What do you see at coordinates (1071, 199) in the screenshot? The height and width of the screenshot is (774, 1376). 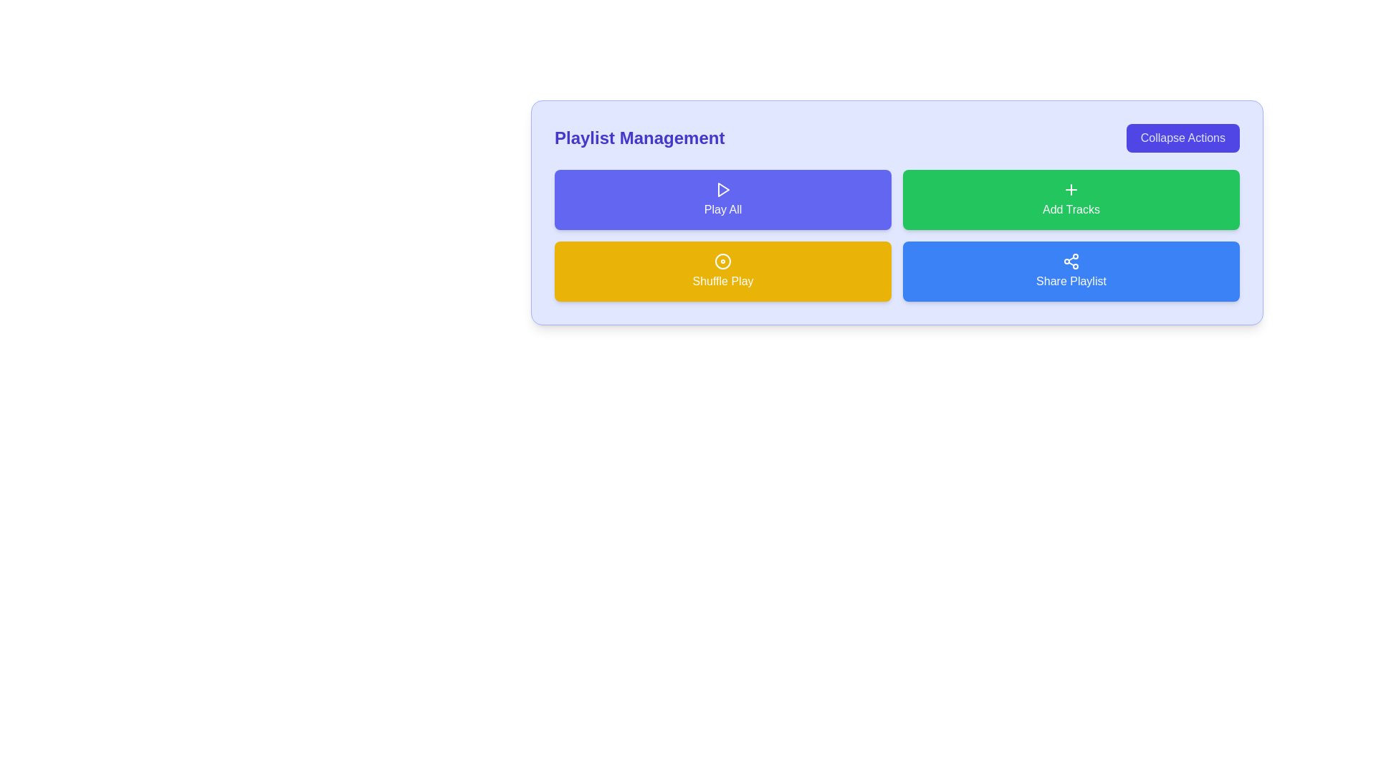 I see `the second button in the top row of the grid, located to the right of the 'Play All' button` at bounding box center [1071, 199].